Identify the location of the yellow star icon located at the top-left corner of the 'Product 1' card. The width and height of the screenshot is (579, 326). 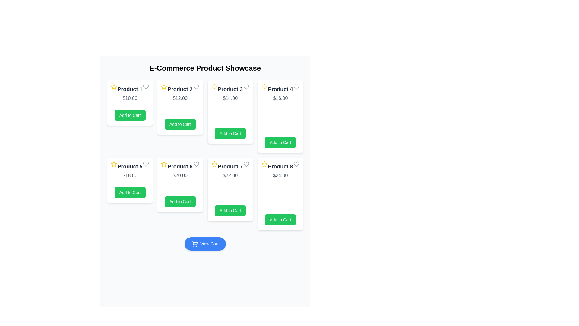
(114, 87).